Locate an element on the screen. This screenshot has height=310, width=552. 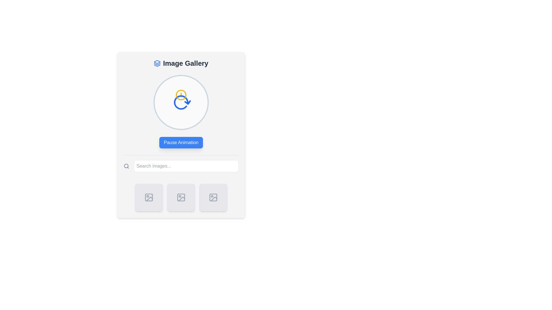
the third button in a horizontally aligned group of three buttons, which is likely used to interact with images is located at coordinates (213, 197).